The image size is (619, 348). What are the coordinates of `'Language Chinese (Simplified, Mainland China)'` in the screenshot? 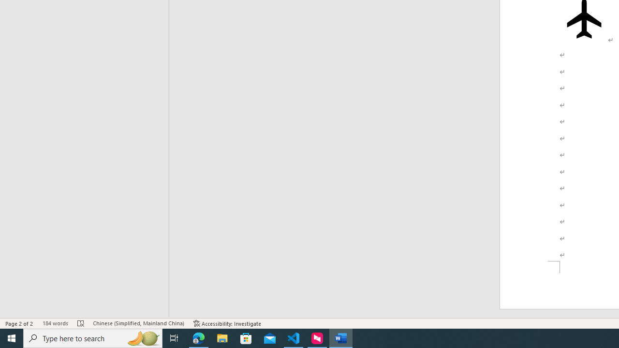 It's located at (138, 323).